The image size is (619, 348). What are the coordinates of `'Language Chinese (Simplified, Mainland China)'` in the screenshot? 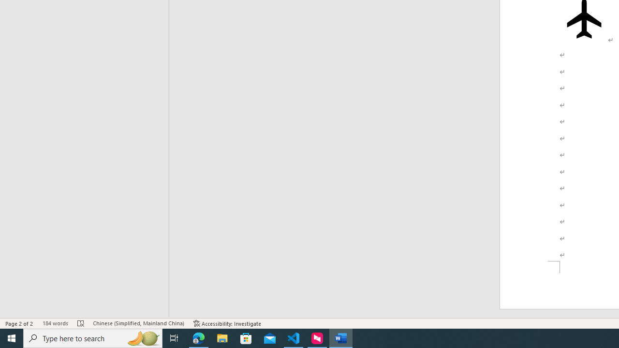 It's located at (138, 323).